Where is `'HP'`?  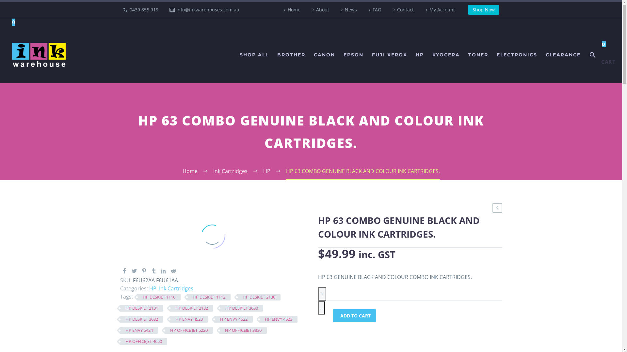
'HP' is located at coordinates (149, 288).